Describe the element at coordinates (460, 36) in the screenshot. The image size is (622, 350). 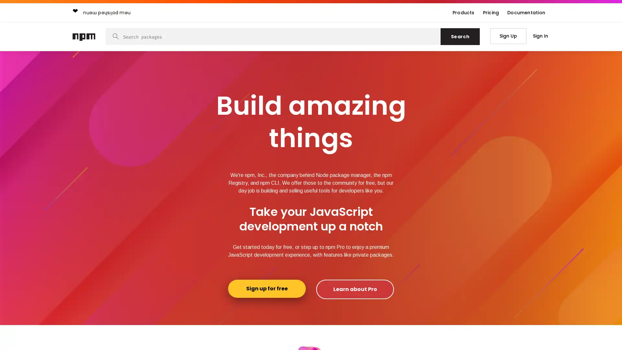
I see `Search` at that location.